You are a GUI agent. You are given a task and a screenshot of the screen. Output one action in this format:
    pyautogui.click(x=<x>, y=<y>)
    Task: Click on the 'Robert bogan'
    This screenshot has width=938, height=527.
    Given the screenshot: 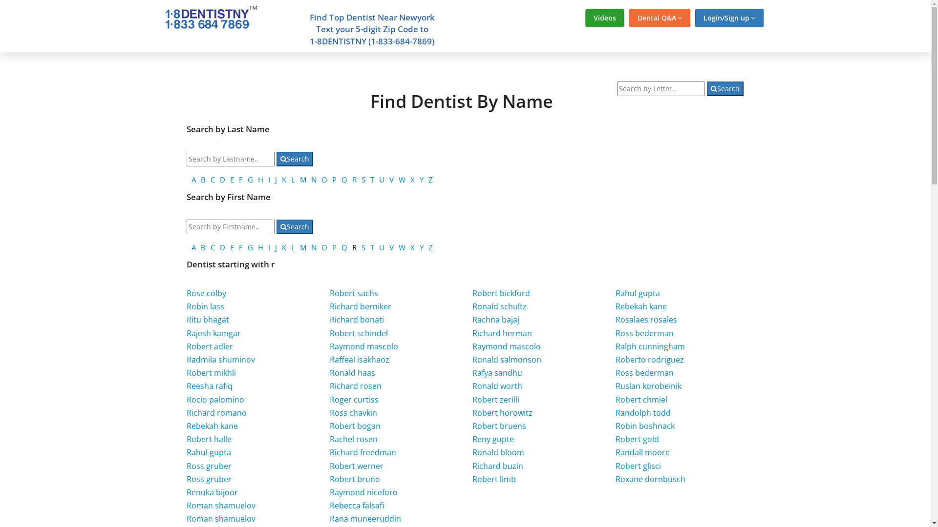 What is the action you would take?
    pyautogui.click(x=354, y=425)
    